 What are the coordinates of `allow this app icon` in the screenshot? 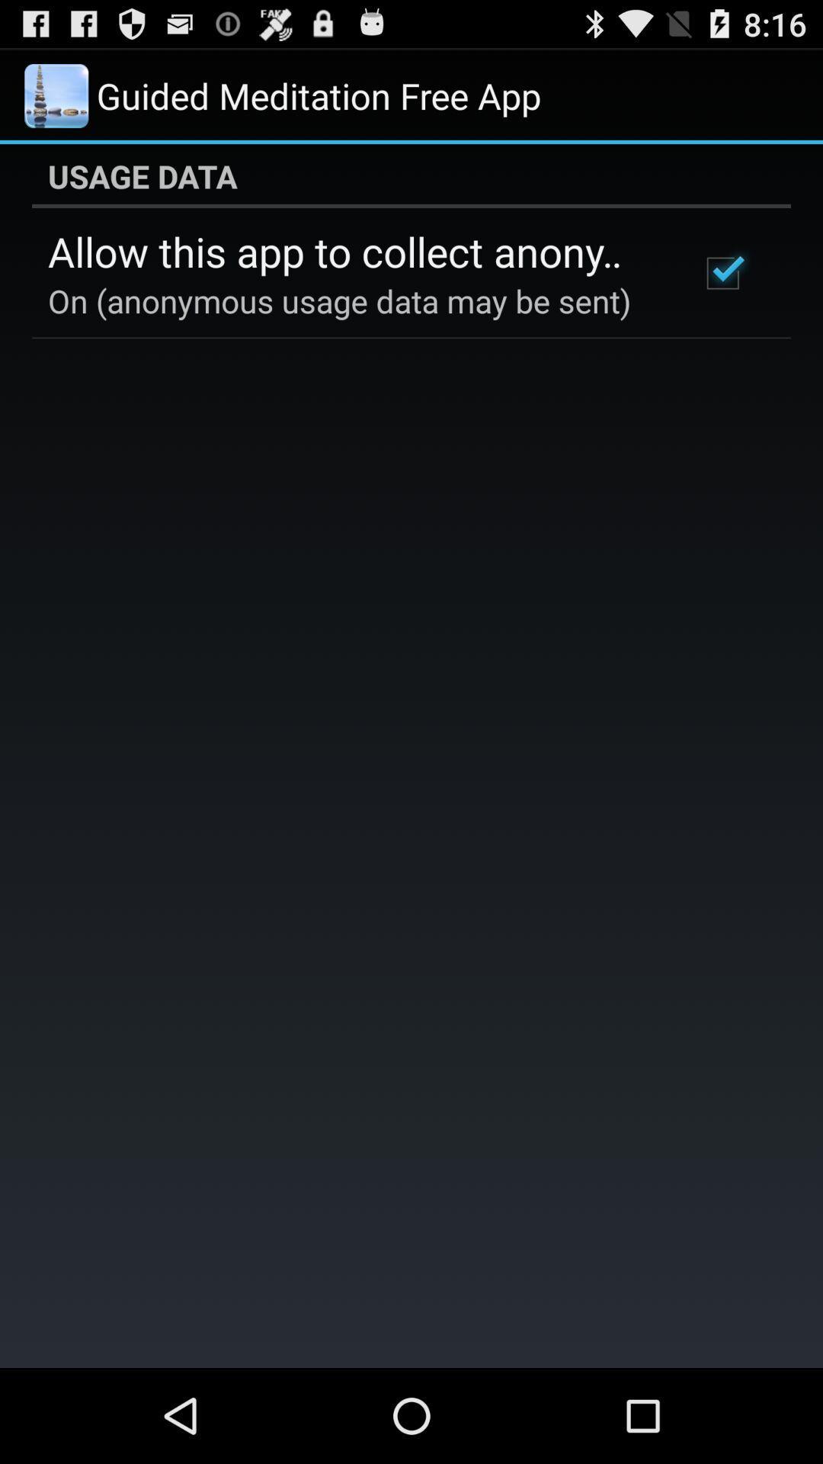 It's located at (353, 251).